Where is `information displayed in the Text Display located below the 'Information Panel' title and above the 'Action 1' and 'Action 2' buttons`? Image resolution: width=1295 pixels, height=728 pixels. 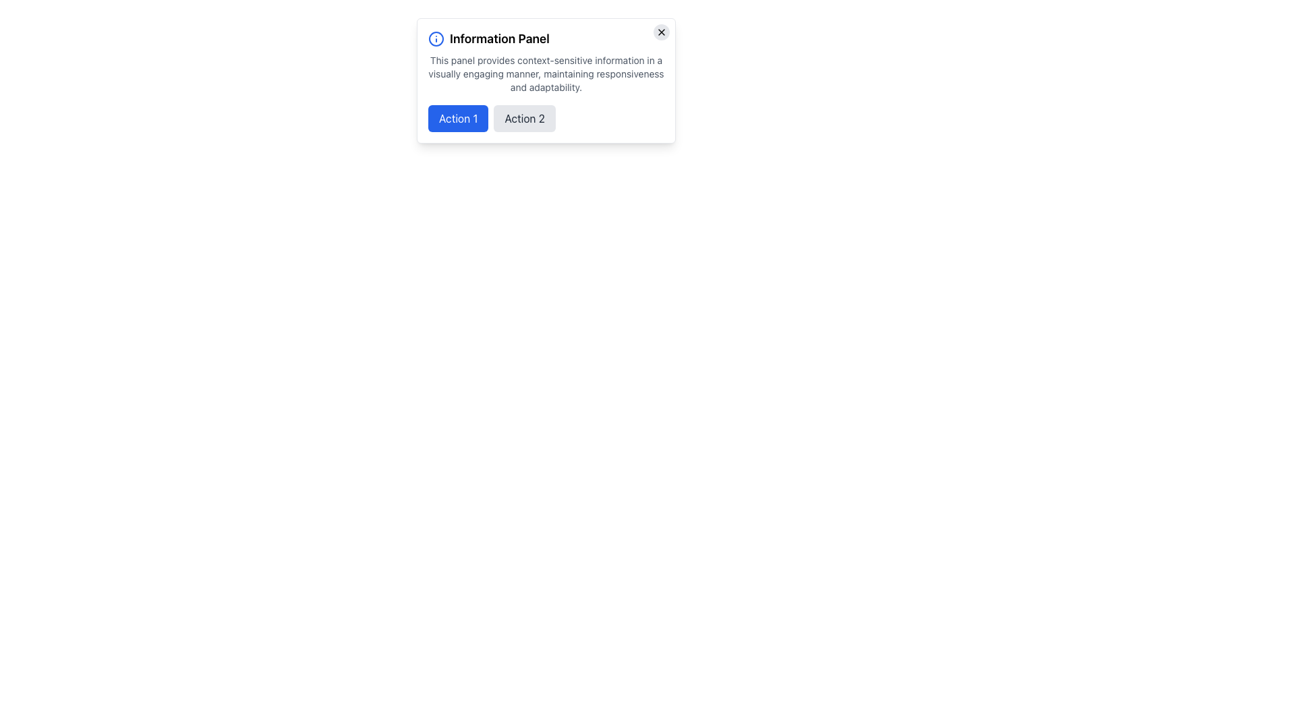
information displayed in the Text Display located below the 'Information Panel' title and above the 'Action 1' and 'Action 2' buttons is located at coordinates (546, 74).